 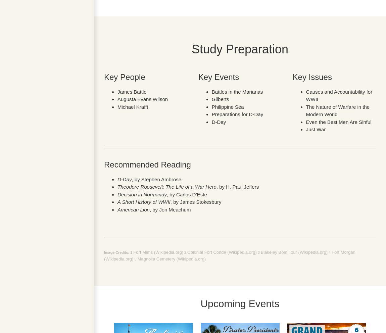 I want to click on 'Augusta Evans Wilson', so click(x=143, y=99).